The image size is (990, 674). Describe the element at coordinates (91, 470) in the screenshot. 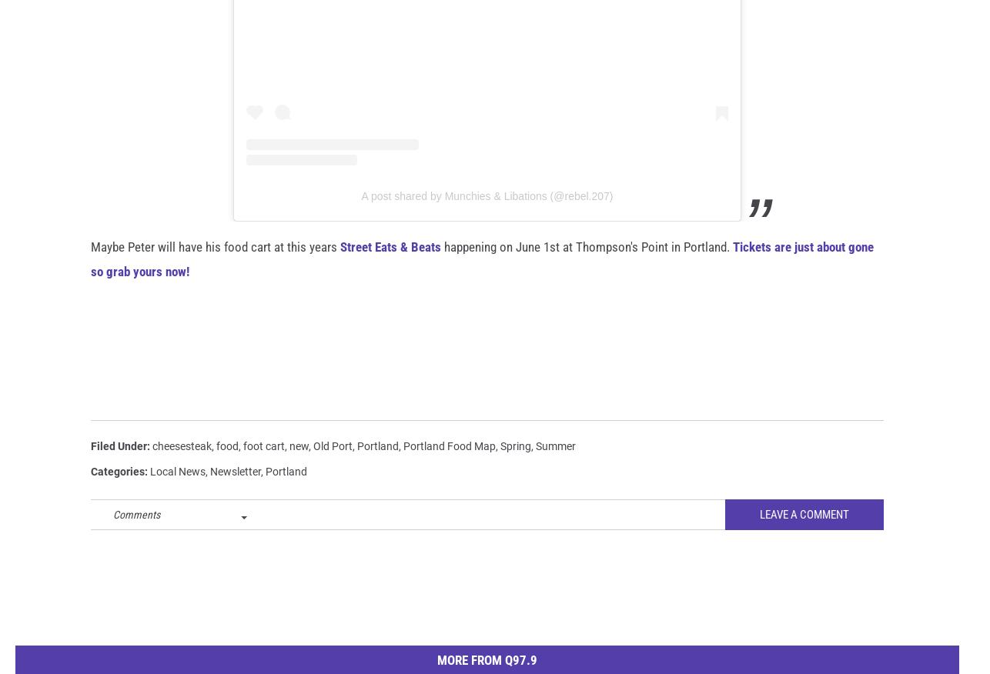

I see `'Filed Under'` at that location.